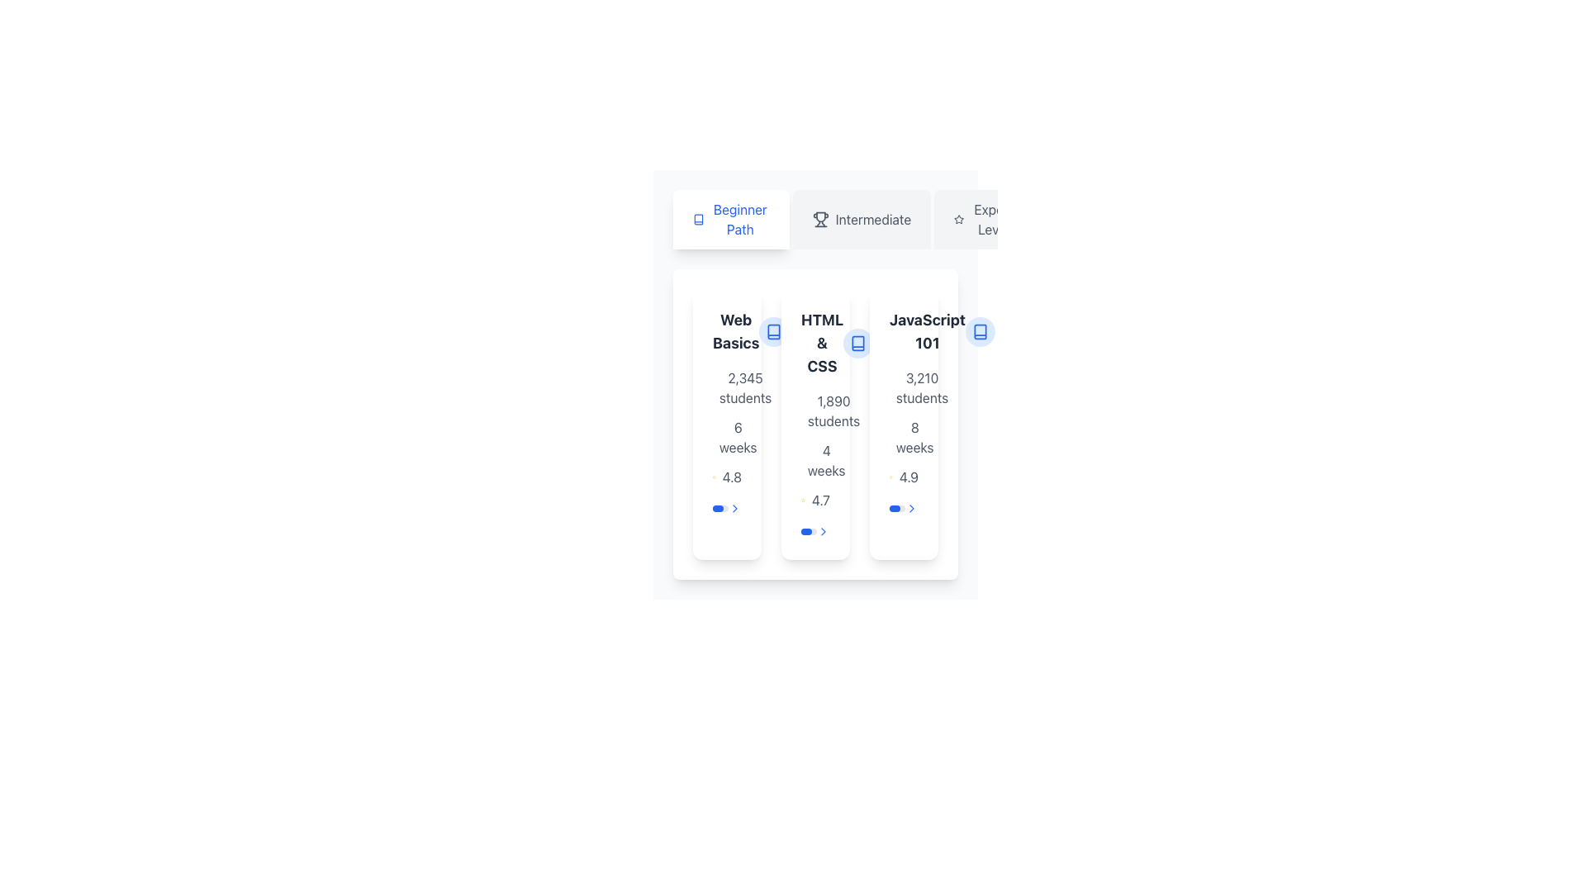 The width and height of the screenshot is (1586, 892). What do you see at coordinates (820, 499) in the screenshot?
I see `the static text label displaying the rating value '4.7' for the HTML & CSS course, located in the bottom half of the card` at bounding box center [820, 499].